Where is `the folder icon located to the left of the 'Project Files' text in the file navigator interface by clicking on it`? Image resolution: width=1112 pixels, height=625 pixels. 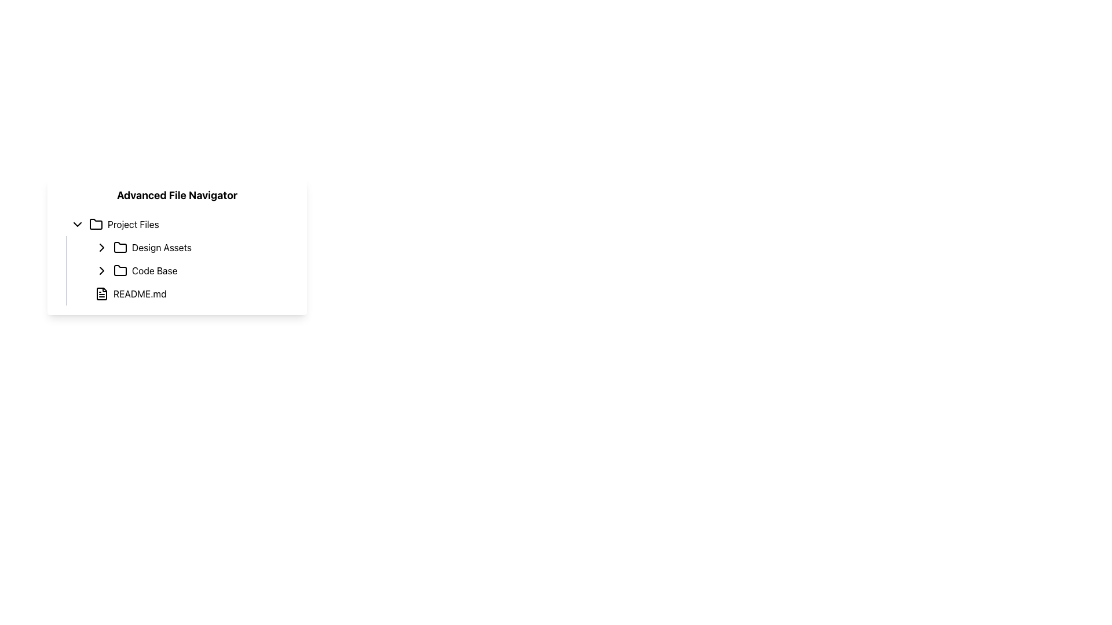 the folder icon located to the left of the 'Project Files' text in the file navigator interface by clicking on it is located at coordinates (96, 223).